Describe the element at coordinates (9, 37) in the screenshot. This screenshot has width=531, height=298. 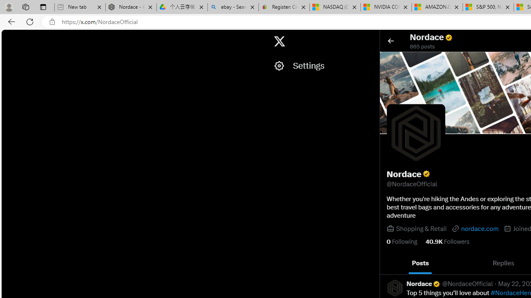
I see `'Skip to home timeline'` at that location.